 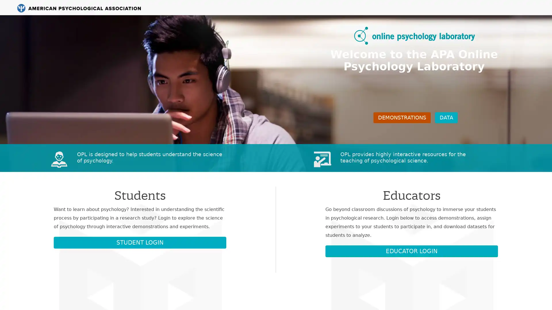 I want to click on Getting Started, so click(x=472, y=6).